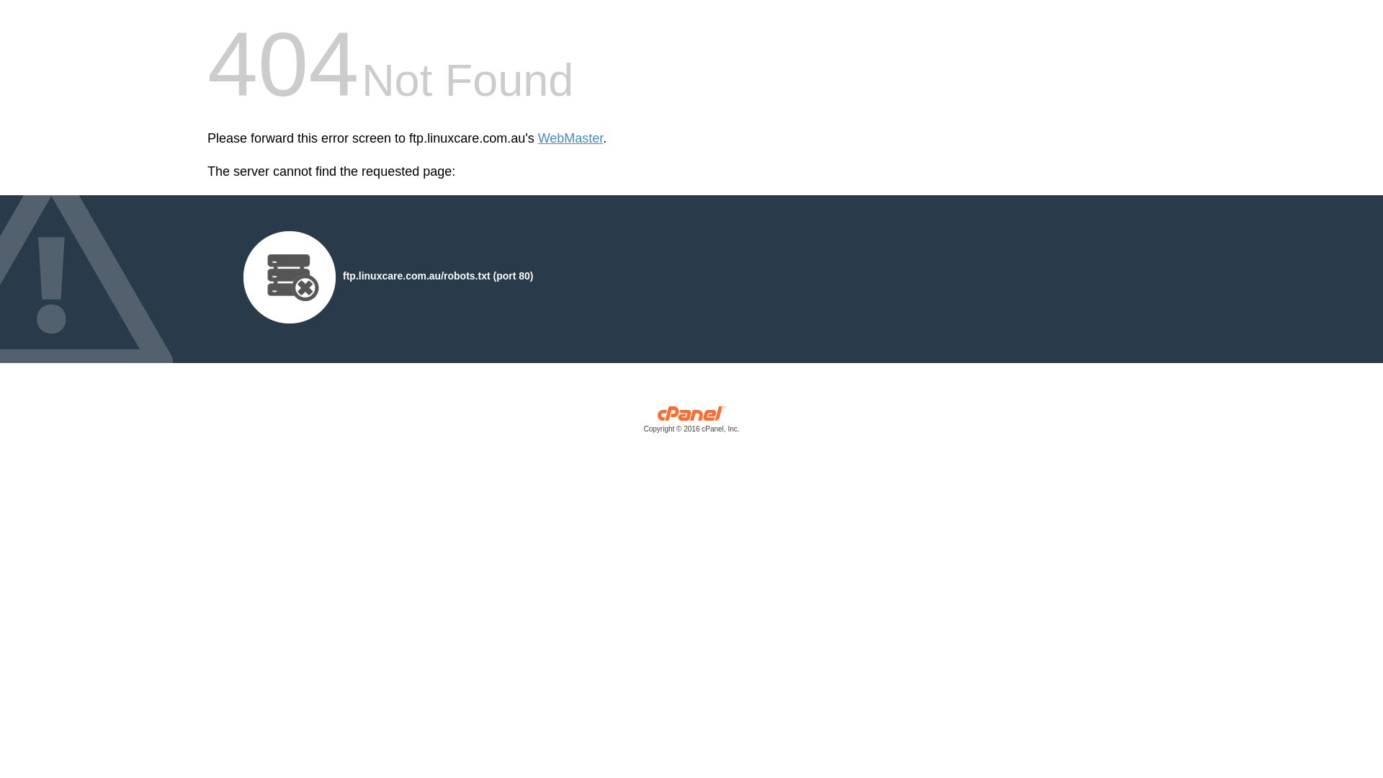 The width and height of the screenshot is (1383, 778). What do you see at coordinates (570, 138) in the screenshot?
I see `'WebMaster'` at bounding box center [570, 138].